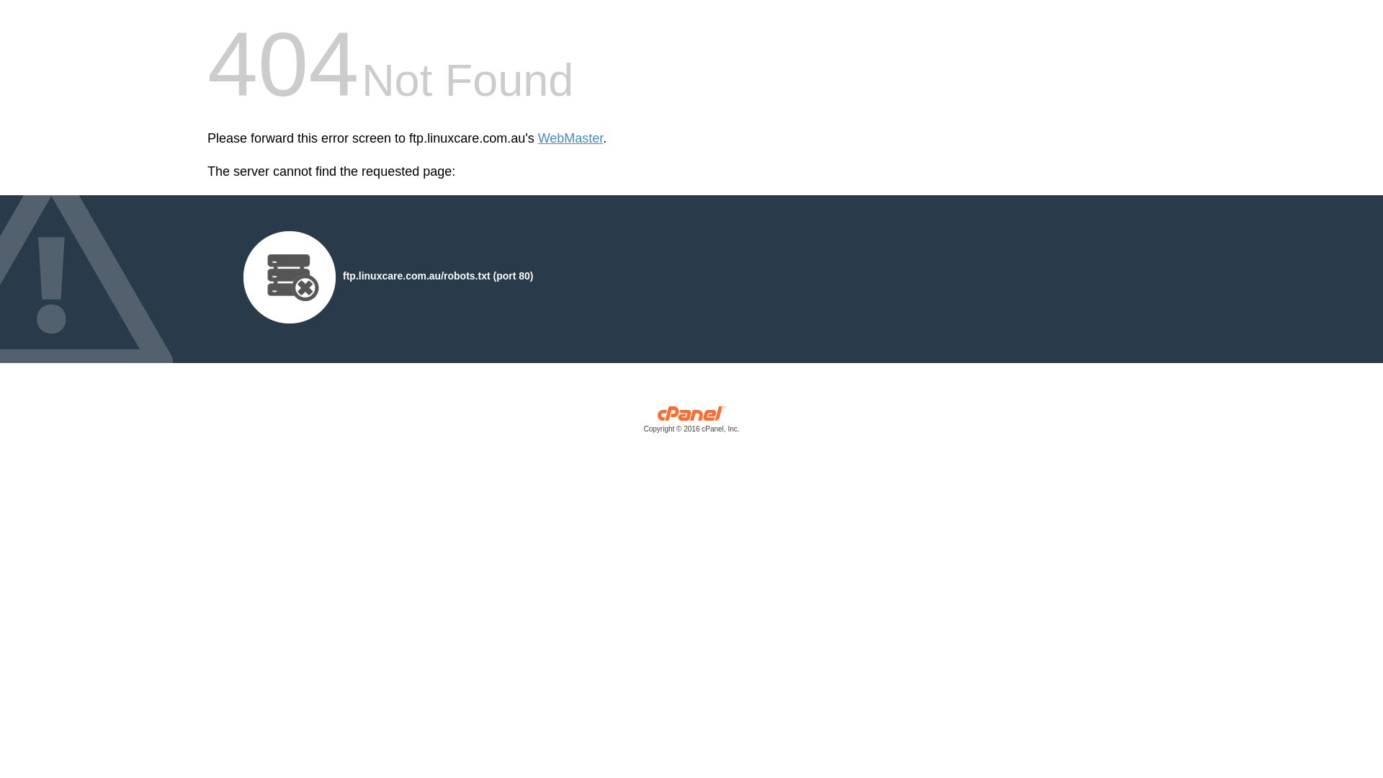 The width and height of the screenshot is (1383, 778). What do you see at coordinates (570, 138) in the screenshot?
I see `'WebMaster'` at bounding box center [570, 138].